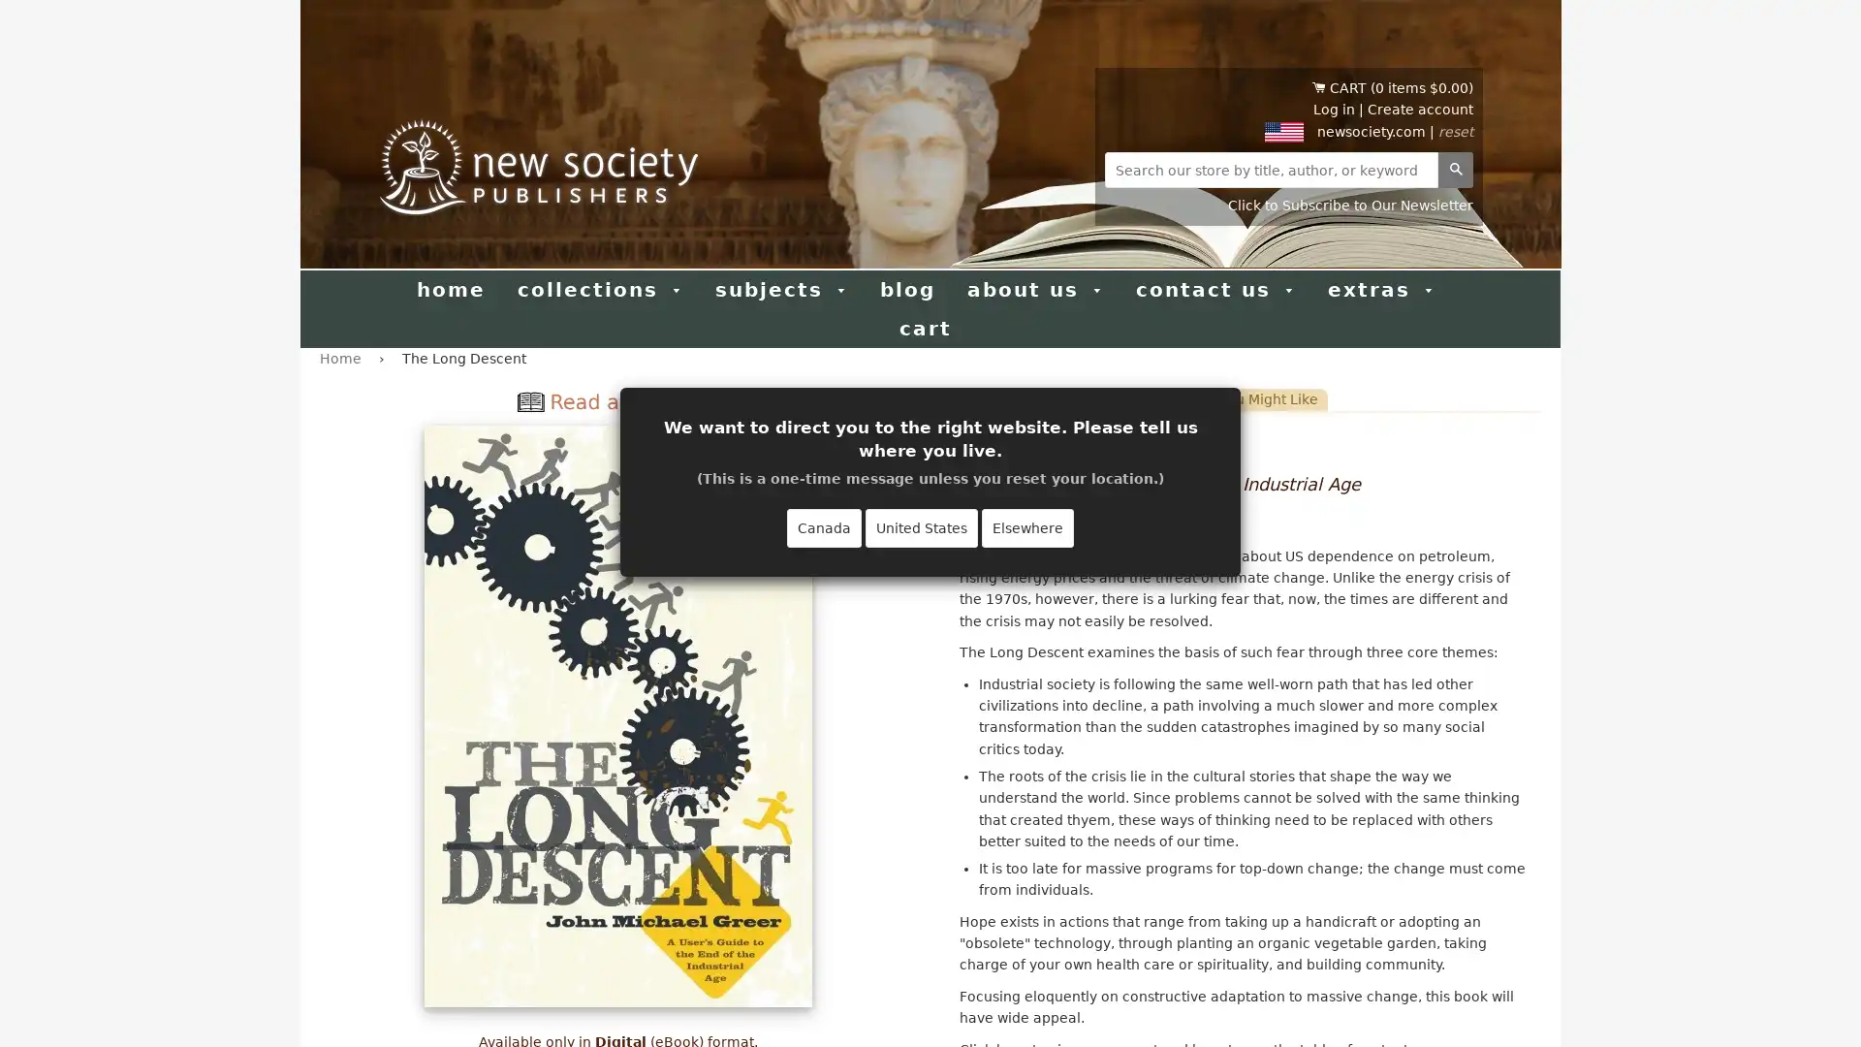  What do you see at coordinates (1456, 169) in the screenshot?
I see `Search` at bounding box center [1456, 169].